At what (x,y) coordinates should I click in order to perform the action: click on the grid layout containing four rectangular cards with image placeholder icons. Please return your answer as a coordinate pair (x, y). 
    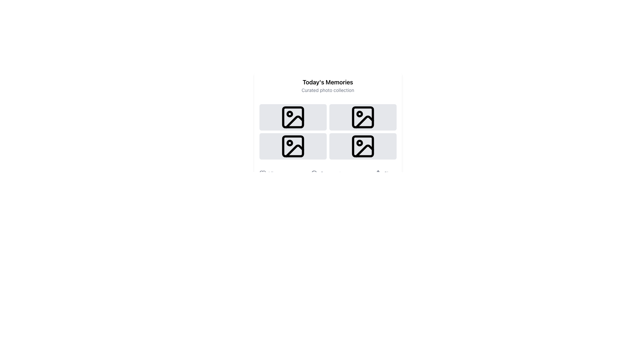
    Looking at the image, I should click on (328, 132).